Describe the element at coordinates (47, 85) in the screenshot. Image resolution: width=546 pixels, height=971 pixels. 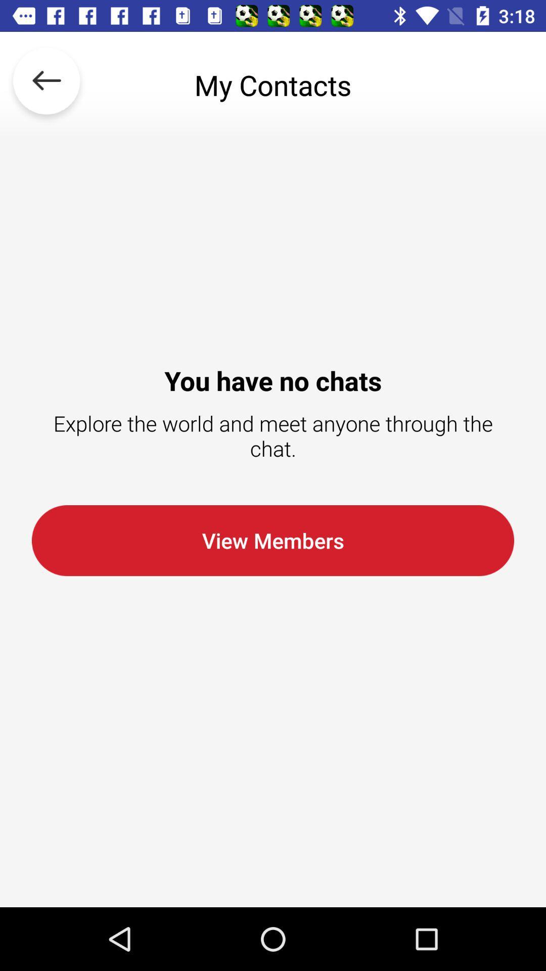
I see `the arrow_backward icon` at that location.